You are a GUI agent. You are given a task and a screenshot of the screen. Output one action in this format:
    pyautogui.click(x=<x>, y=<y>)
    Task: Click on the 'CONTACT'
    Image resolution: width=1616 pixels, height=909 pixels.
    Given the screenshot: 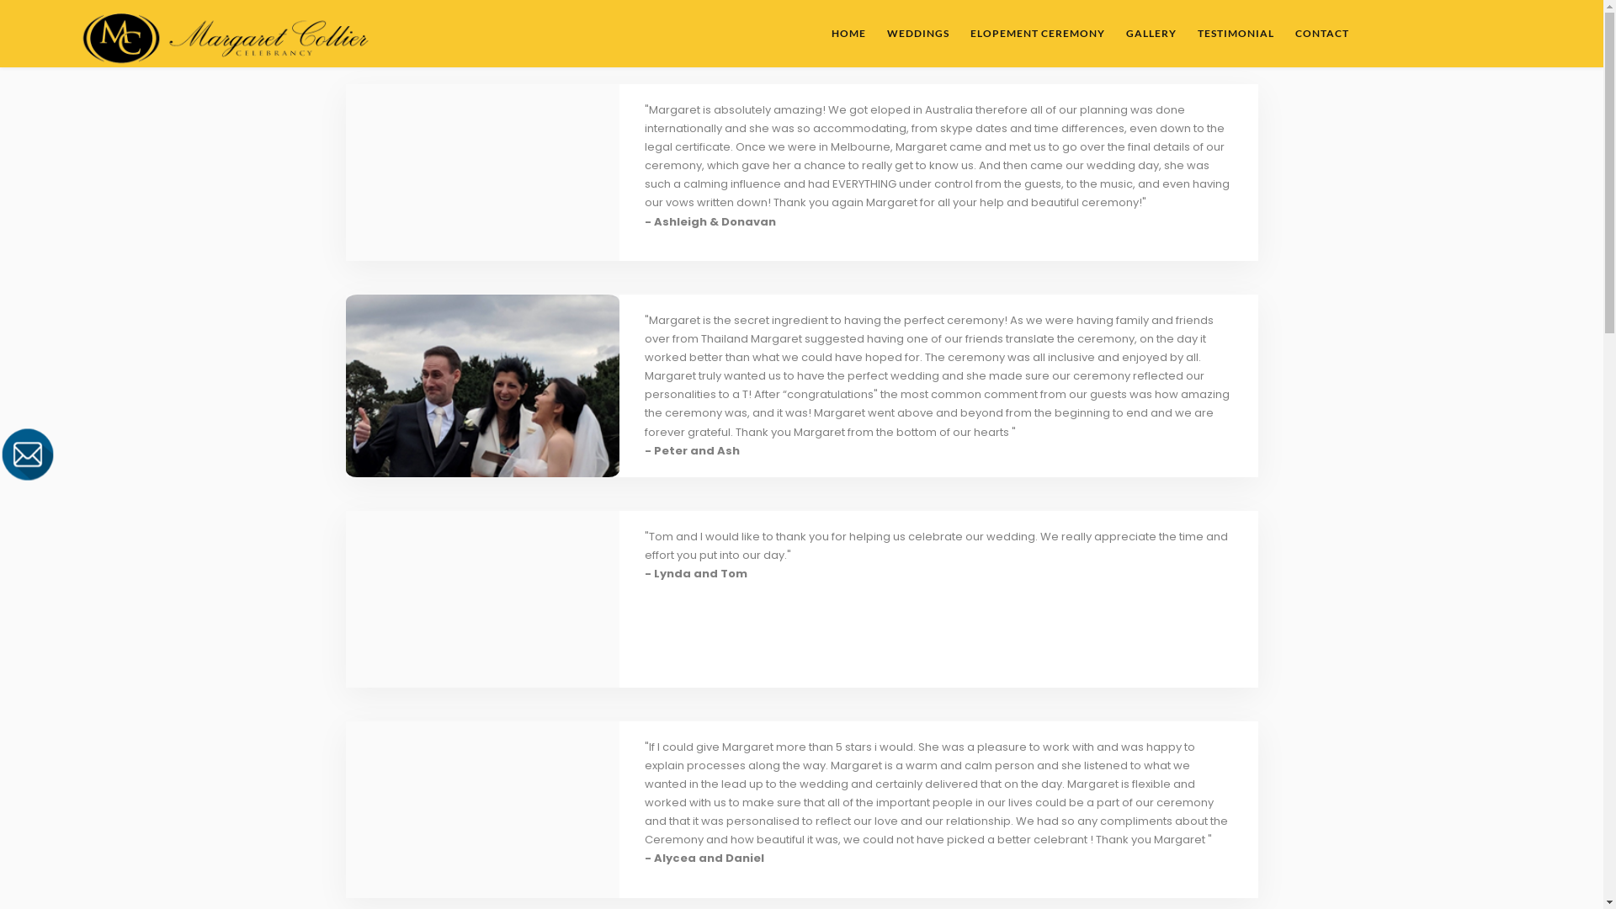 What is the action you would take?
    pyautogui.click(x=1294, y=33)
    